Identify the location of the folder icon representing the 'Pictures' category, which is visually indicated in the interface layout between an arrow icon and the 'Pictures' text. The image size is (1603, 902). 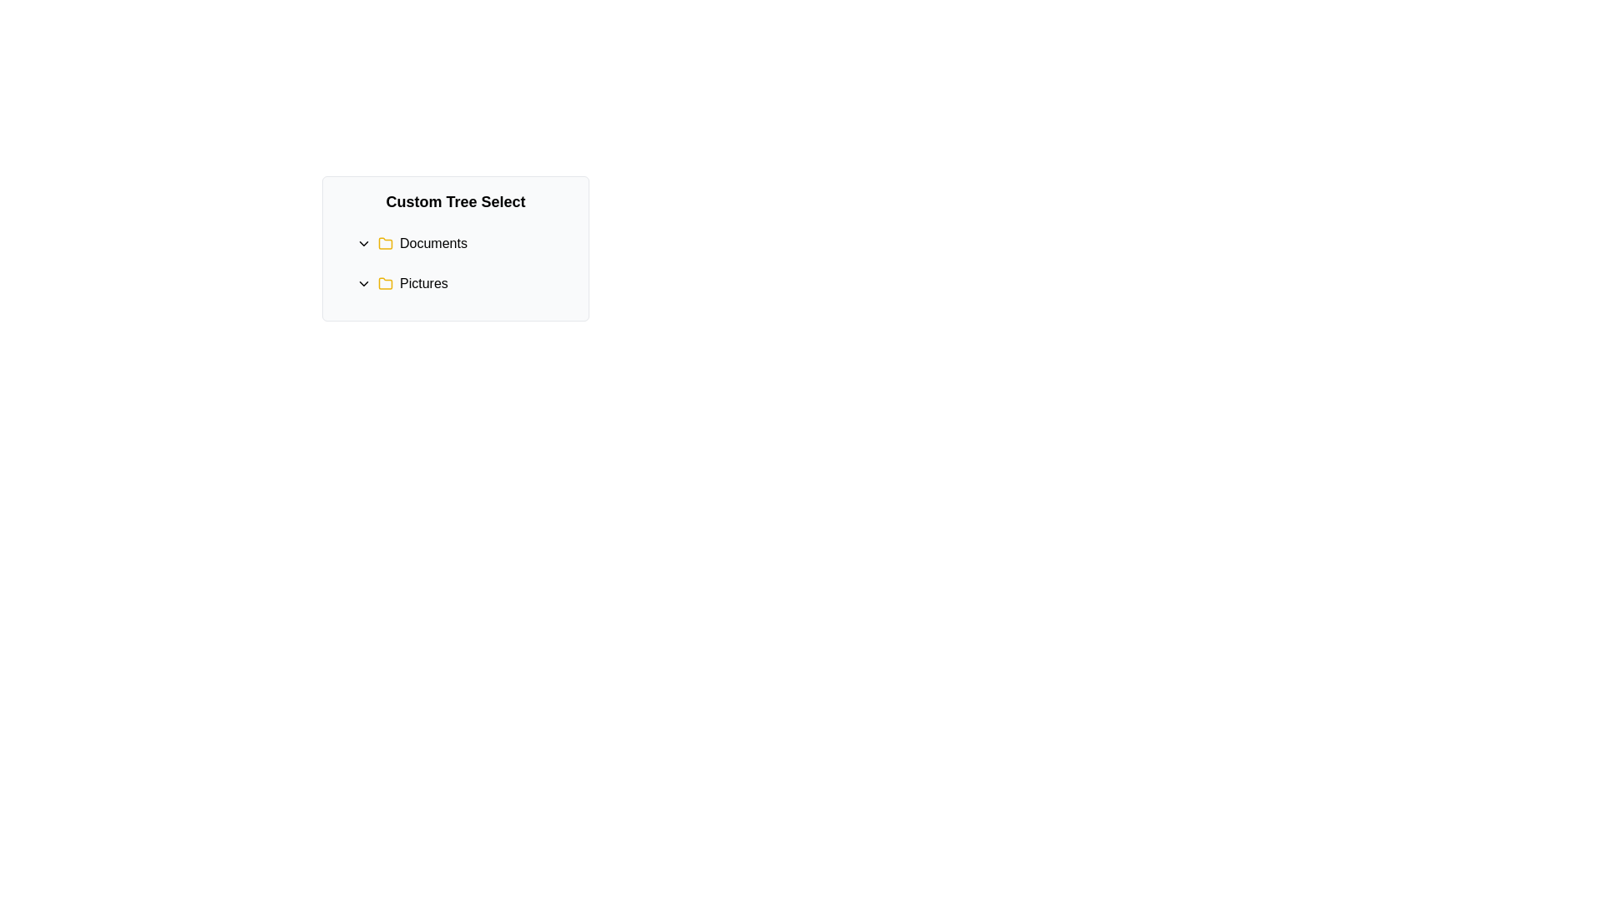
(384, 282).